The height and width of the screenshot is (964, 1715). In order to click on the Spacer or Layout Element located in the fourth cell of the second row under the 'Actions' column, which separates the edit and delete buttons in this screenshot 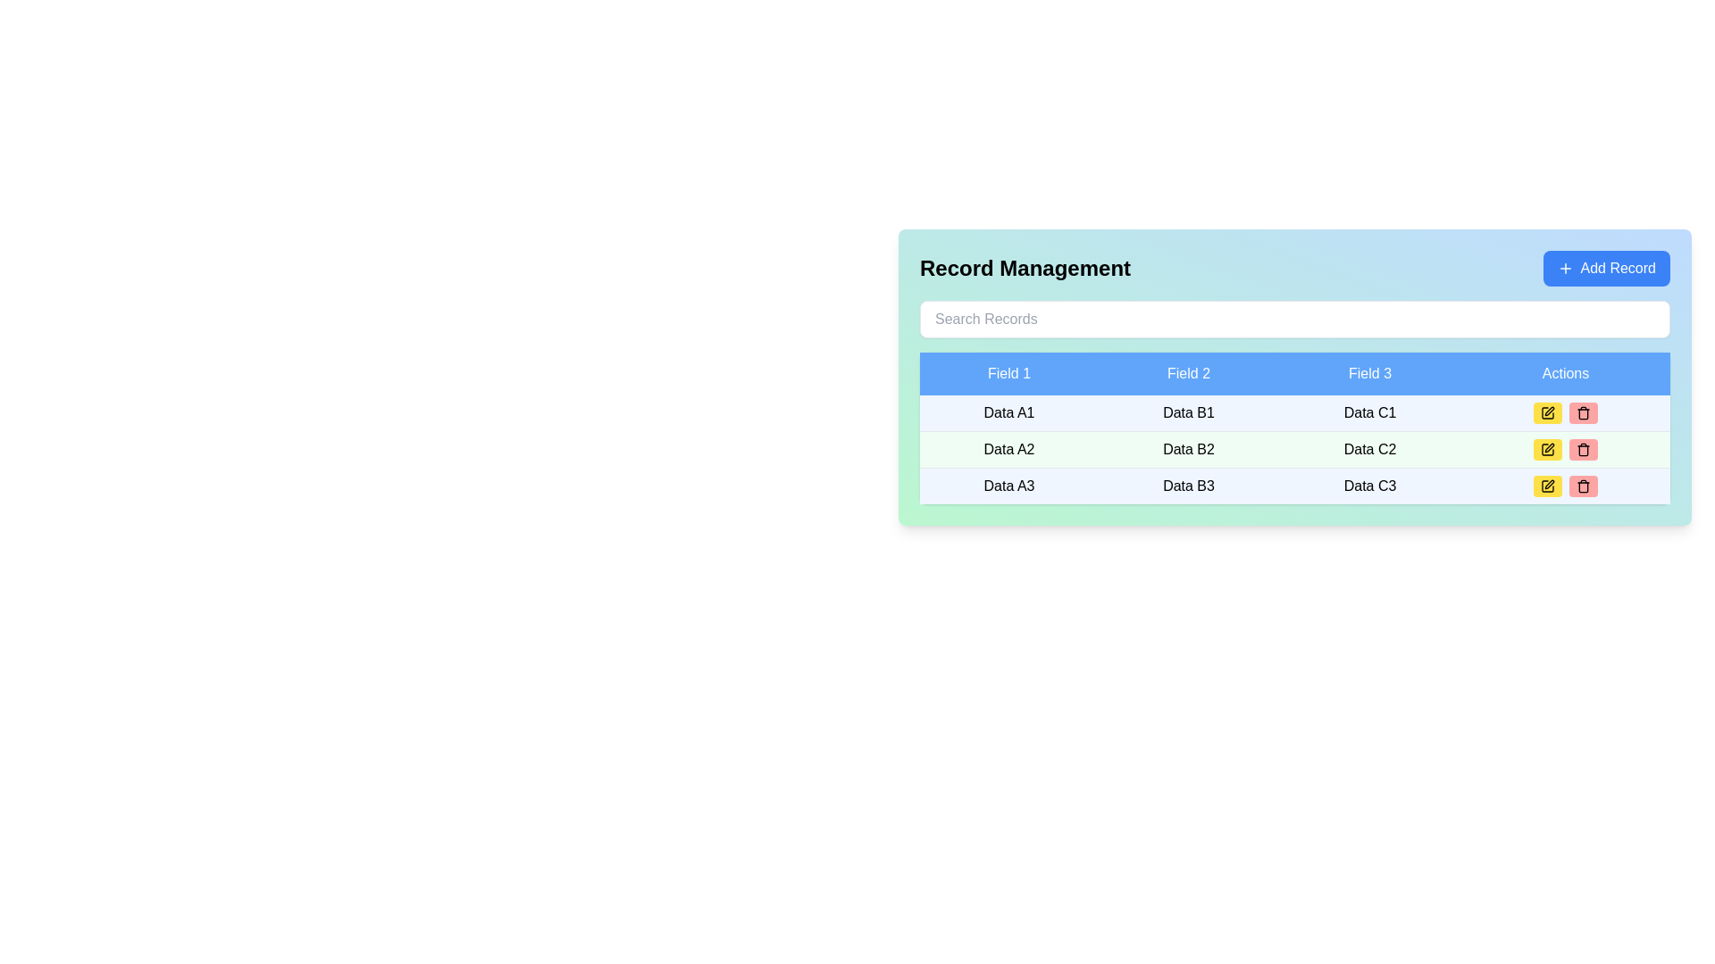, I will do `click(1564, 449)`.